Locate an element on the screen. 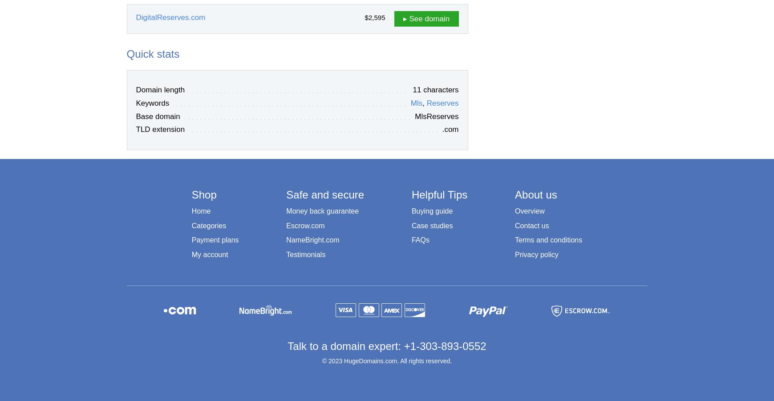 The width and height of the screenshot is (774, 401). '$2,595' is located at coordinates (374, 17).